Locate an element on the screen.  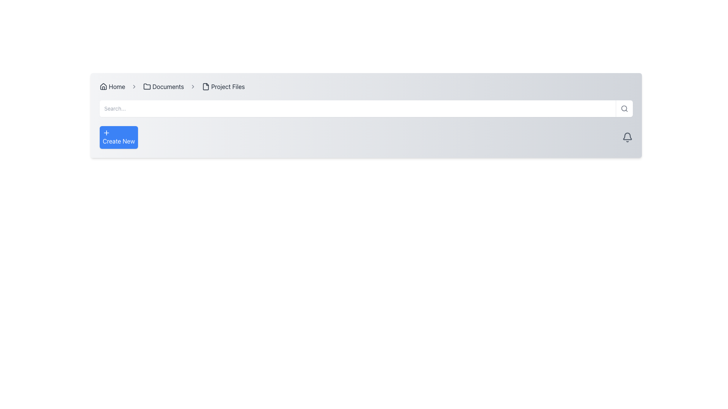
the file-related icon in the breadcrumb navigation bar, which is located next to the 'Project Files' text is located at coordinates (206, 86).